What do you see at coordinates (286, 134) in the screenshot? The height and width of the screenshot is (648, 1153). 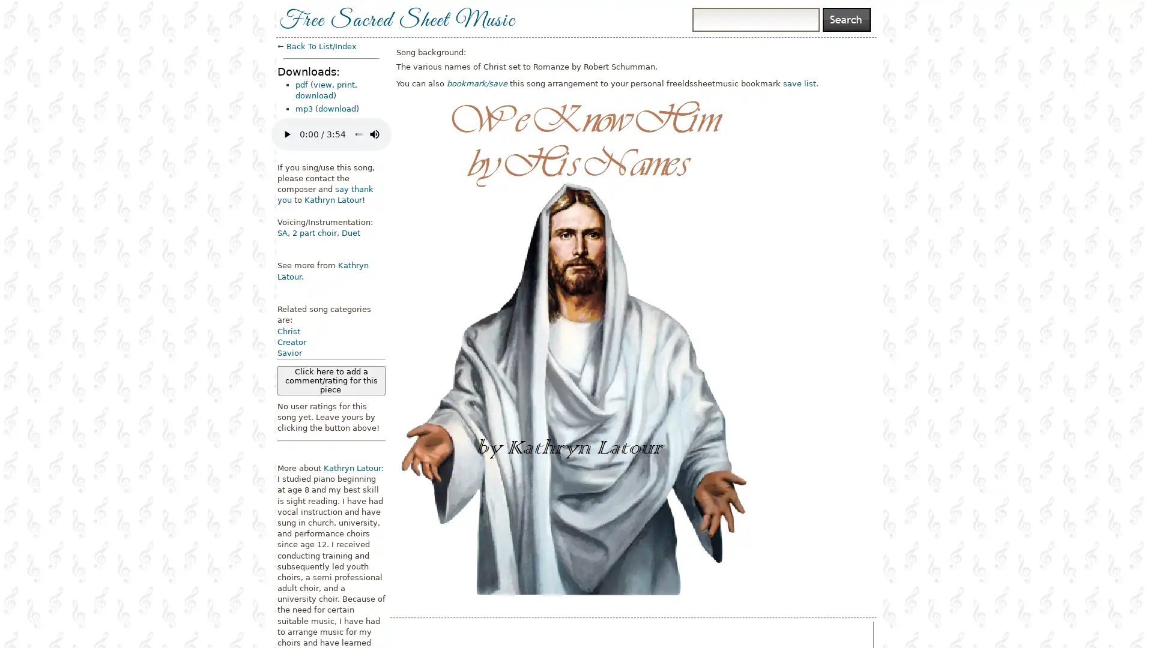 I see `play` at bounding box center [286, 134].